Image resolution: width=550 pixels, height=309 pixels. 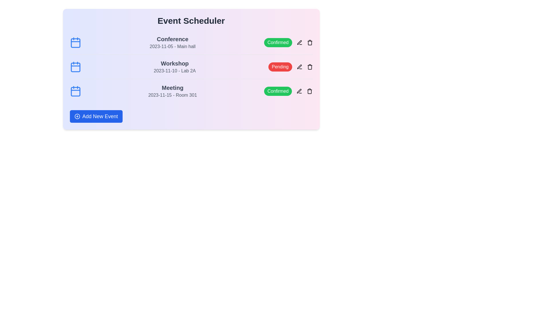 What do you see at coordinates (309, 91) in the screenshot?
I see `the trash can icon button located to the right of the 'Meeting' event row` at bounding box center [309, 91].